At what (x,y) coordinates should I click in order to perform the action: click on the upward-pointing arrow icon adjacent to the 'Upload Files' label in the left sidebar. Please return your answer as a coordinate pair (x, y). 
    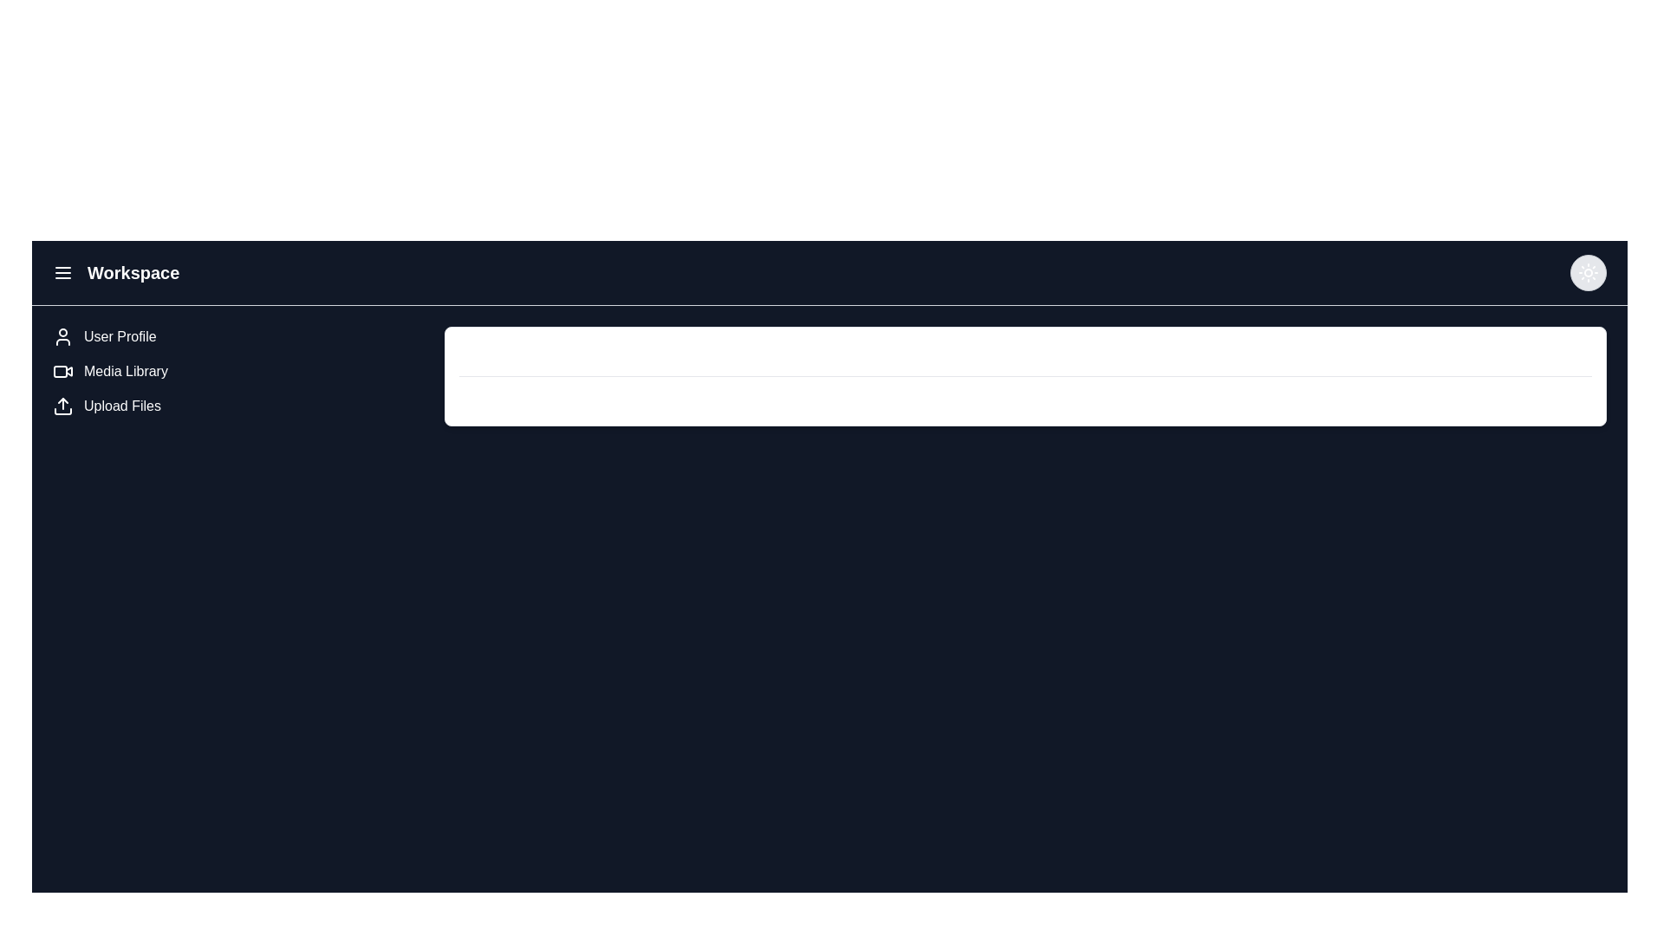
    Looking at the image, I should click on (62, 406).